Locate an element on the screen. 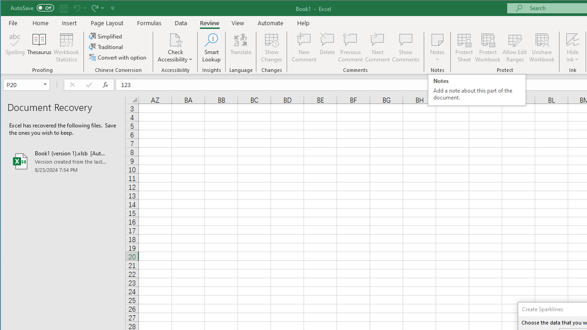 The image size is (587, 330). 'Simplified' is located at coordinates (106, 36).